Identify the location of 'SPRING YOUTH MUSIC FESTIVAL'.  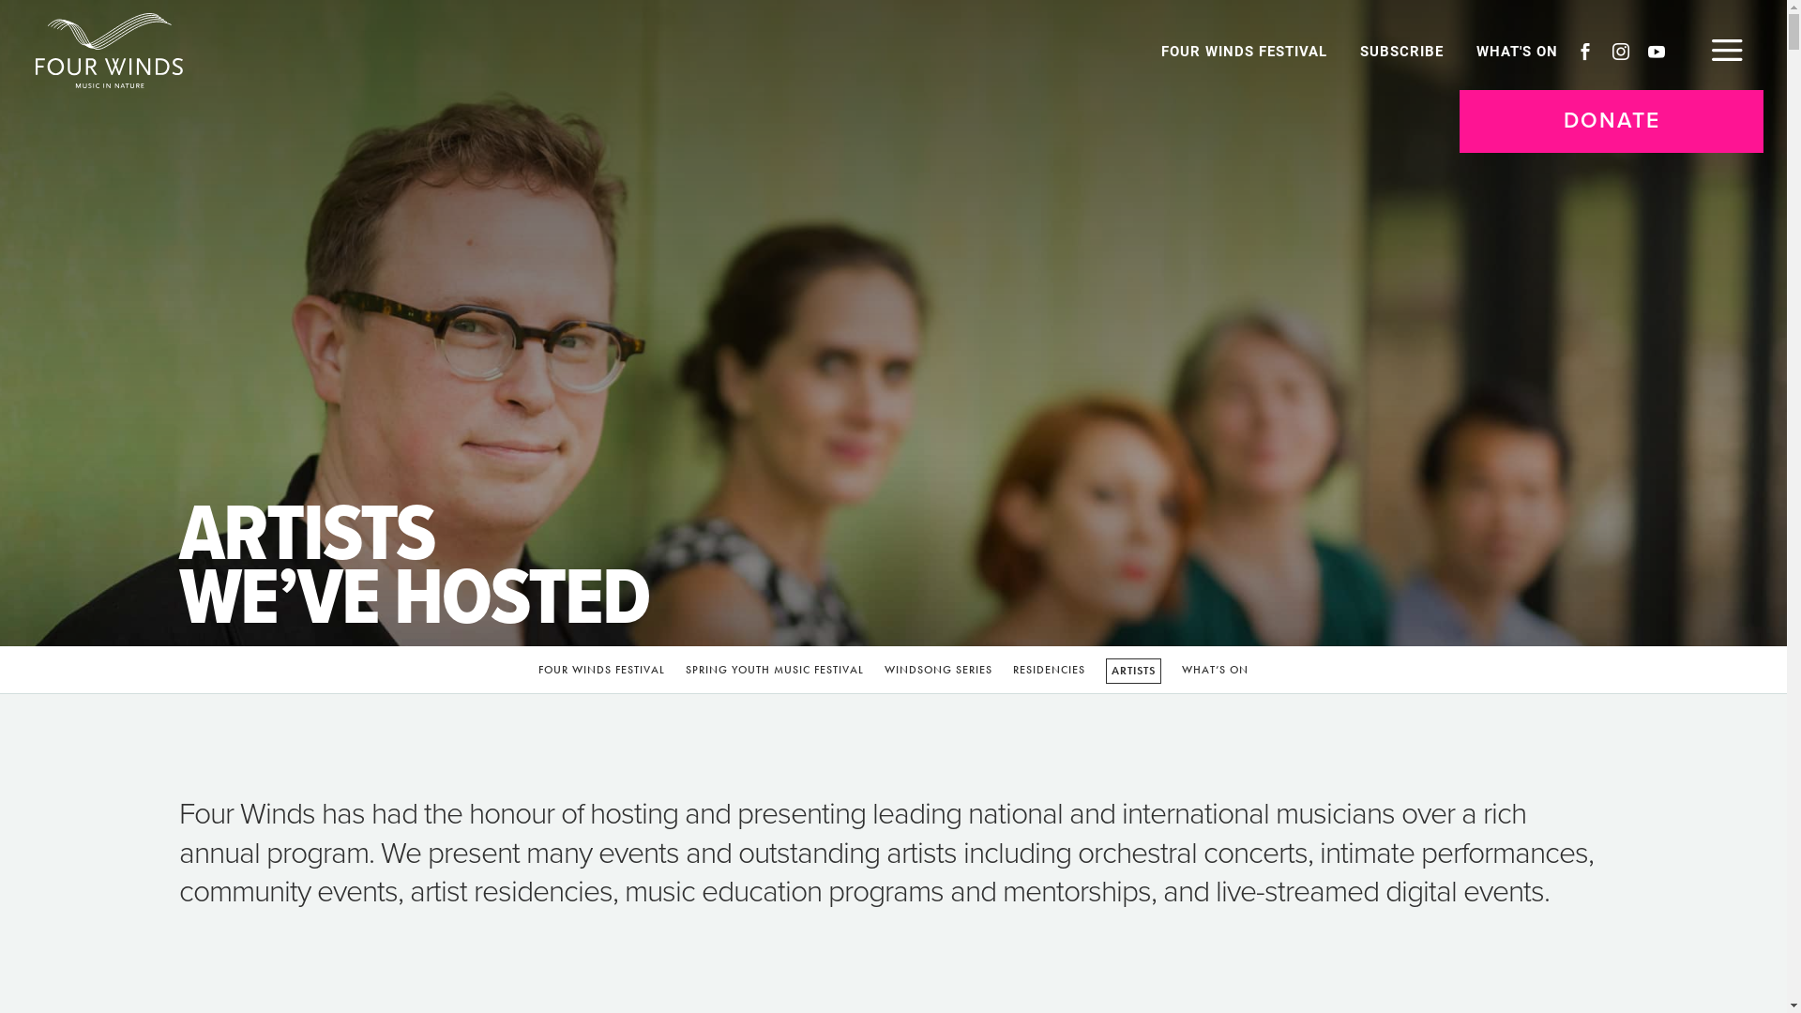
(774, 672).